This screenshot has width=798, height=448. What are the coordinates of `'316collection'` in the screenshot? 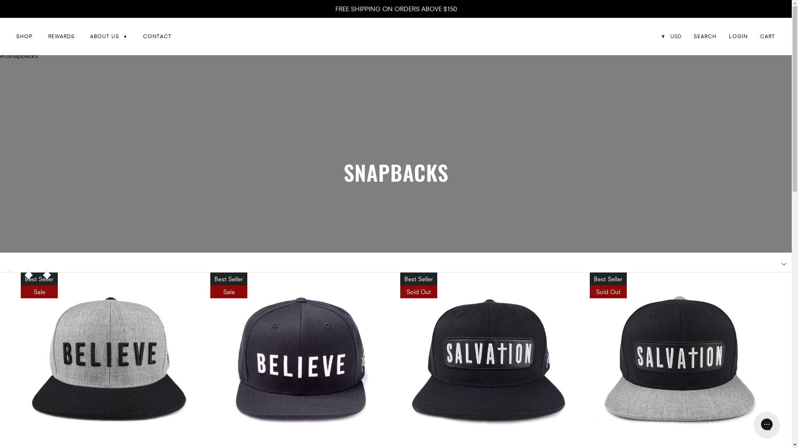 It's located at (392, 36).